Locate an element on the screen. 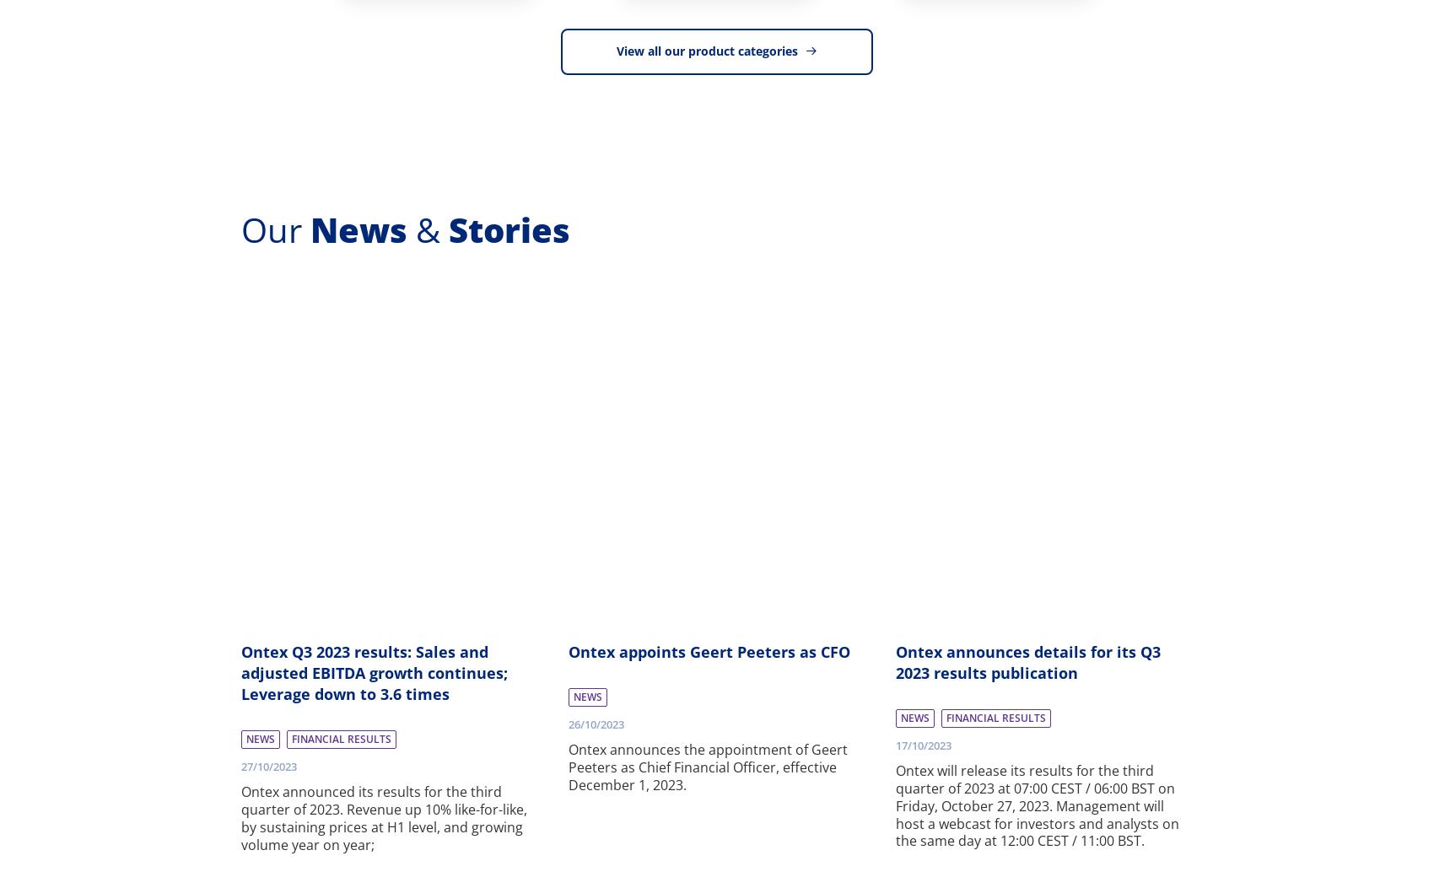  'Ontex appoints Geert Peeters as CFO' is located at coordinates (708, 650).